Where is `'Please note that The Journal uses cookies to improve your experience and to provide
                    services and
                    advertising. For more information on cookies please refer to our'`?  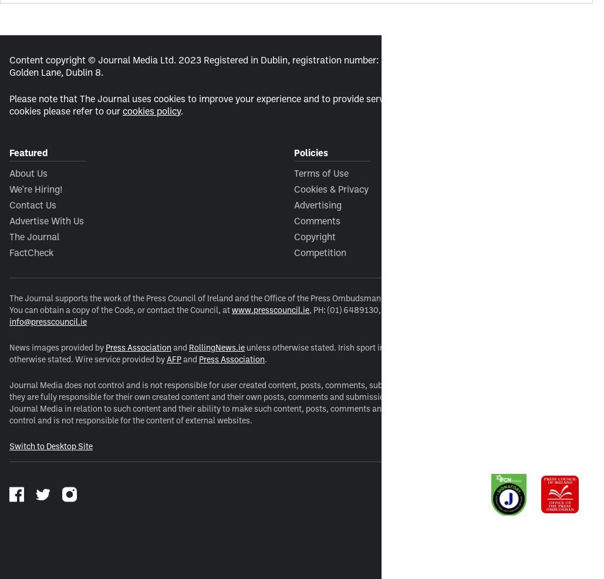
'Please note that The Journal uses cookies to improve your experience and to provide
                    services and
                    advertising. For more information on cookies please refer to our' is located at coordinates (292, 103).